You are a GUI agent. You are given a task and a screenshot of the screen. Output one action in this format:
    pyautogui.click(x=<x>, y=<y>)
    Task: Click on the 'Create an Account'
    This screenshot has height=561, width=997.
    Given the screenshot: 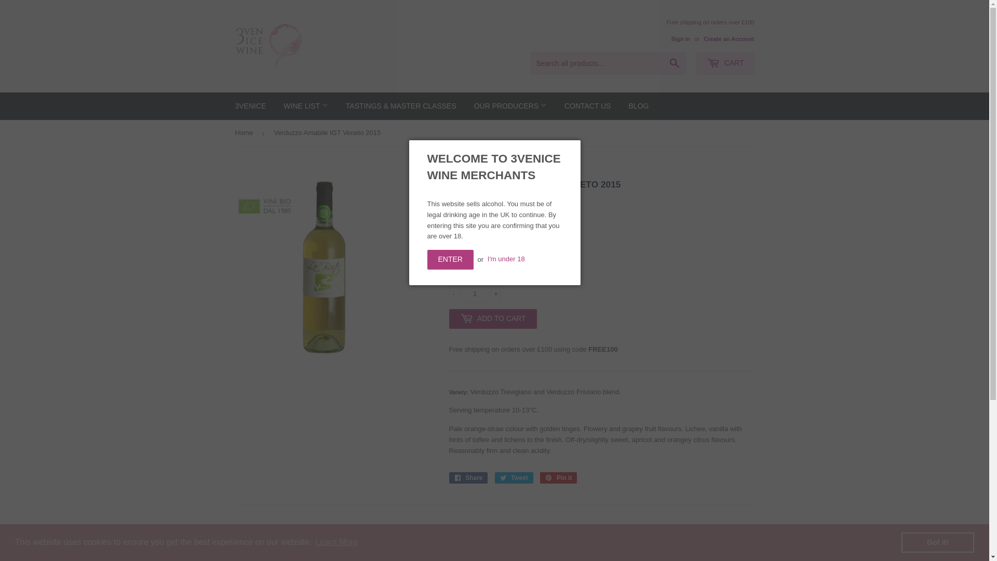 What is the action you would take?
    pyautogui.click(x=728, y=38)
    